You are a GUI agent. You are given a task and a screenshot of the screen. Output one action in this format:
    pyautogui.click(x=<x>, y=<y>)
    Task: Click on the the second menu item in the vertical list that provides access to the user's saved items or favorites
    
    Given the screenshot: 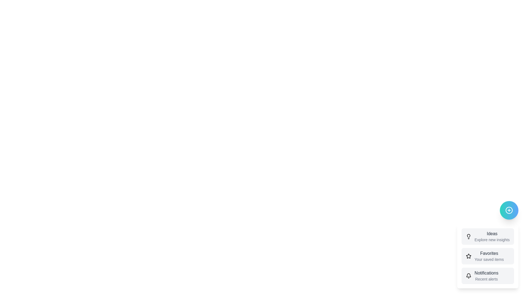 What is the action you would take?
    pyautogui.click(x=489, y=256)
    